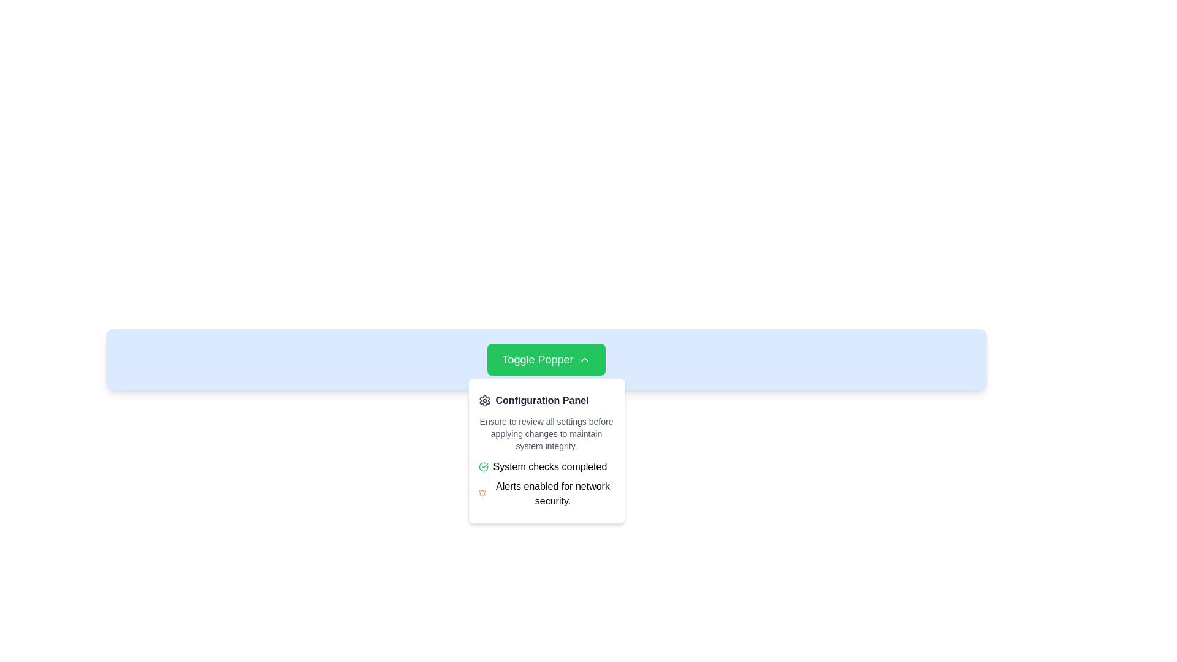 The image size is (1177, 662). What do you see at coordinates (484, 401) in the screenshot?
I see `the gear icon in the 'Configuration Panel'` at bounding box center [484, 401].